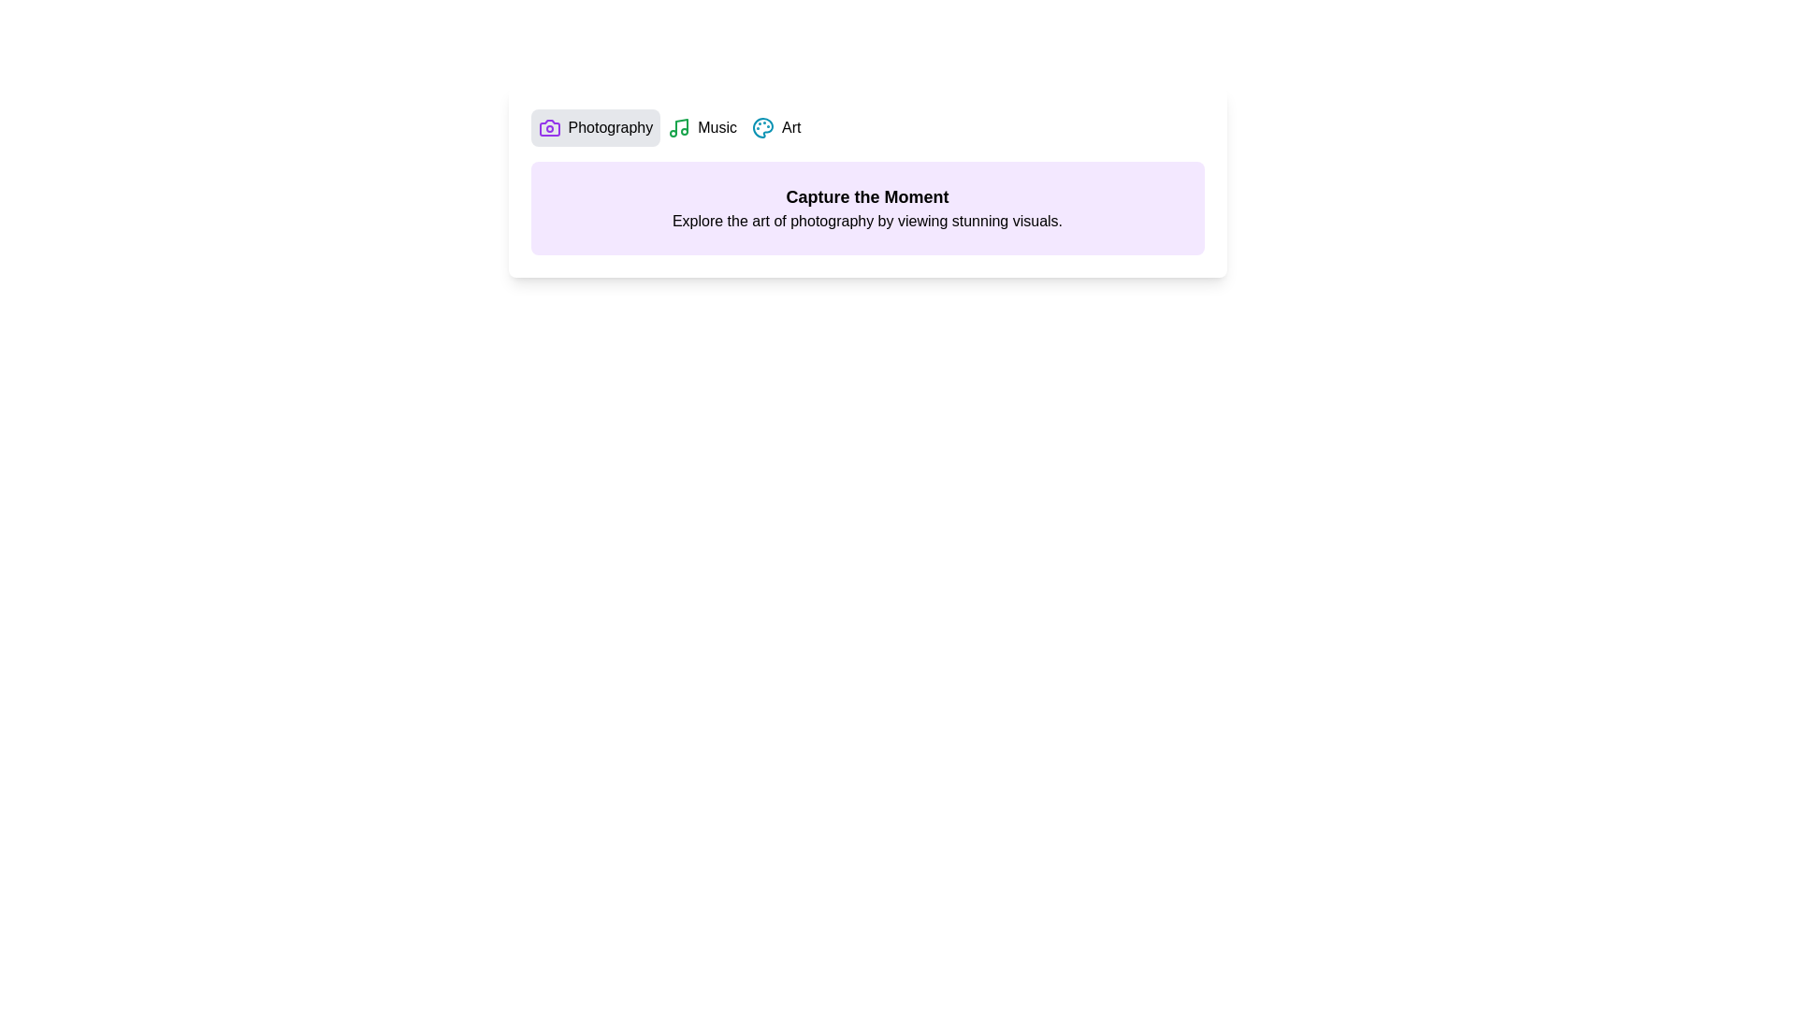 This screenshot has height=1010, width=1796. I want to click on the Photography tab by clicking on the corresponding button, so click(594, 127).